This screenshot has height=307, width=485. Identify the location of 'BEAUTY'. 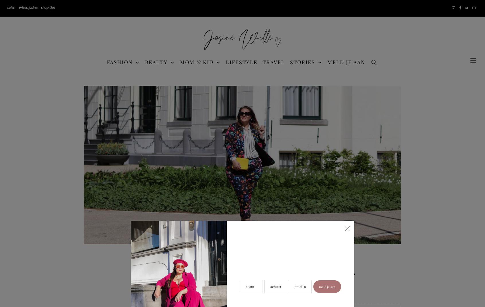
(156, 62).